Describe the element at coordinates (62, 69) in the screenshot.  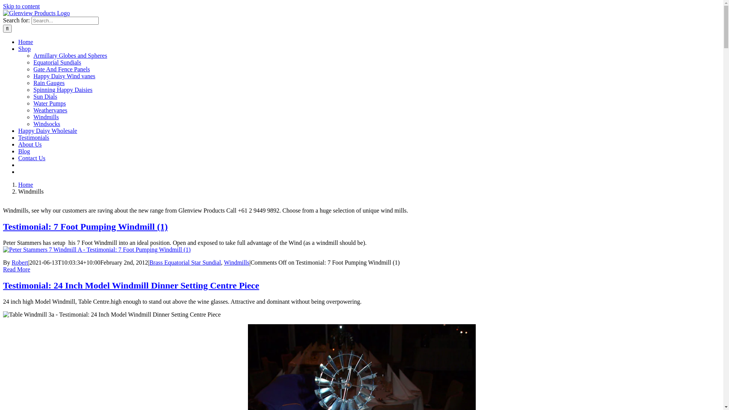
I see `'Gate And Fence Panels'` at that location.